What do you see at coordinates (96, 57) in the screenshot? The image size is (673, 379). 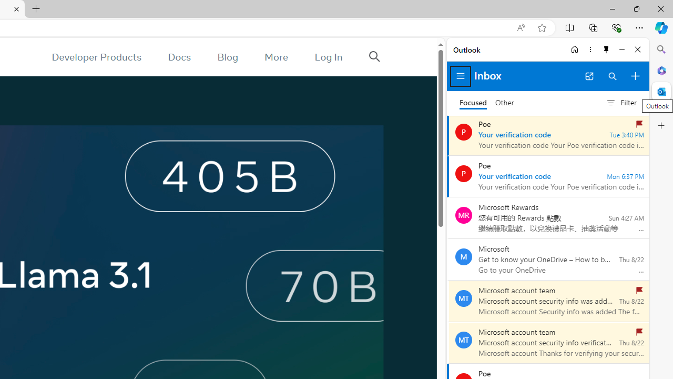 I see `'Developer Products'` at bounding box center [96, 57].